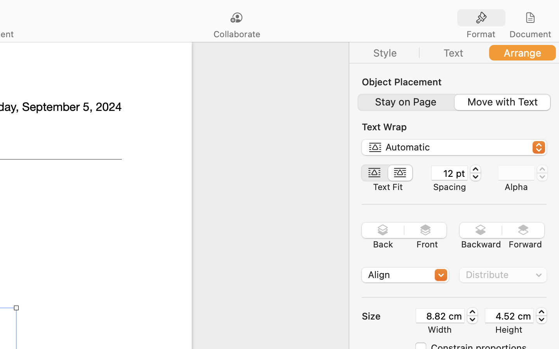 This screenshot has height=349, width=559. I want to click on 'Height', so click(509, 329).